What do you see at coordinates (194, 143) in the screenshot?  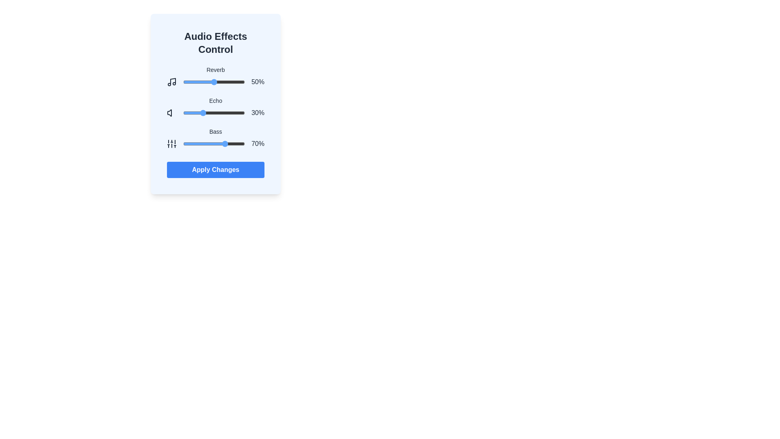 I see `the bass level` at bounding box center [194, 143].